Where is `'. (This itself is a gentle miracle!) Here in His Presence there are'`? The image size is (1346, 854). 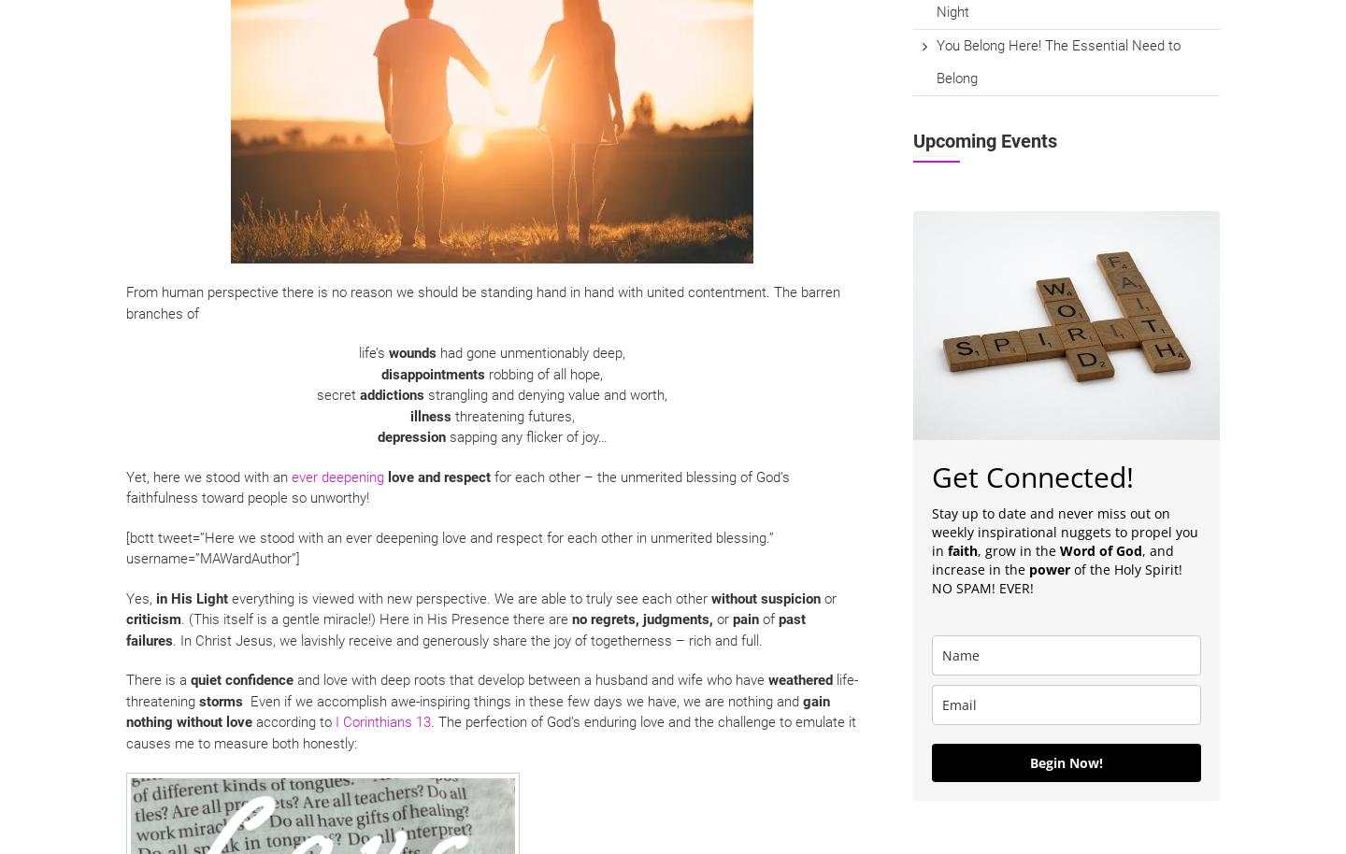 '. (This itself is a gentle miracle!) Here in His Presence there are' is located at coordinates (376, 619).